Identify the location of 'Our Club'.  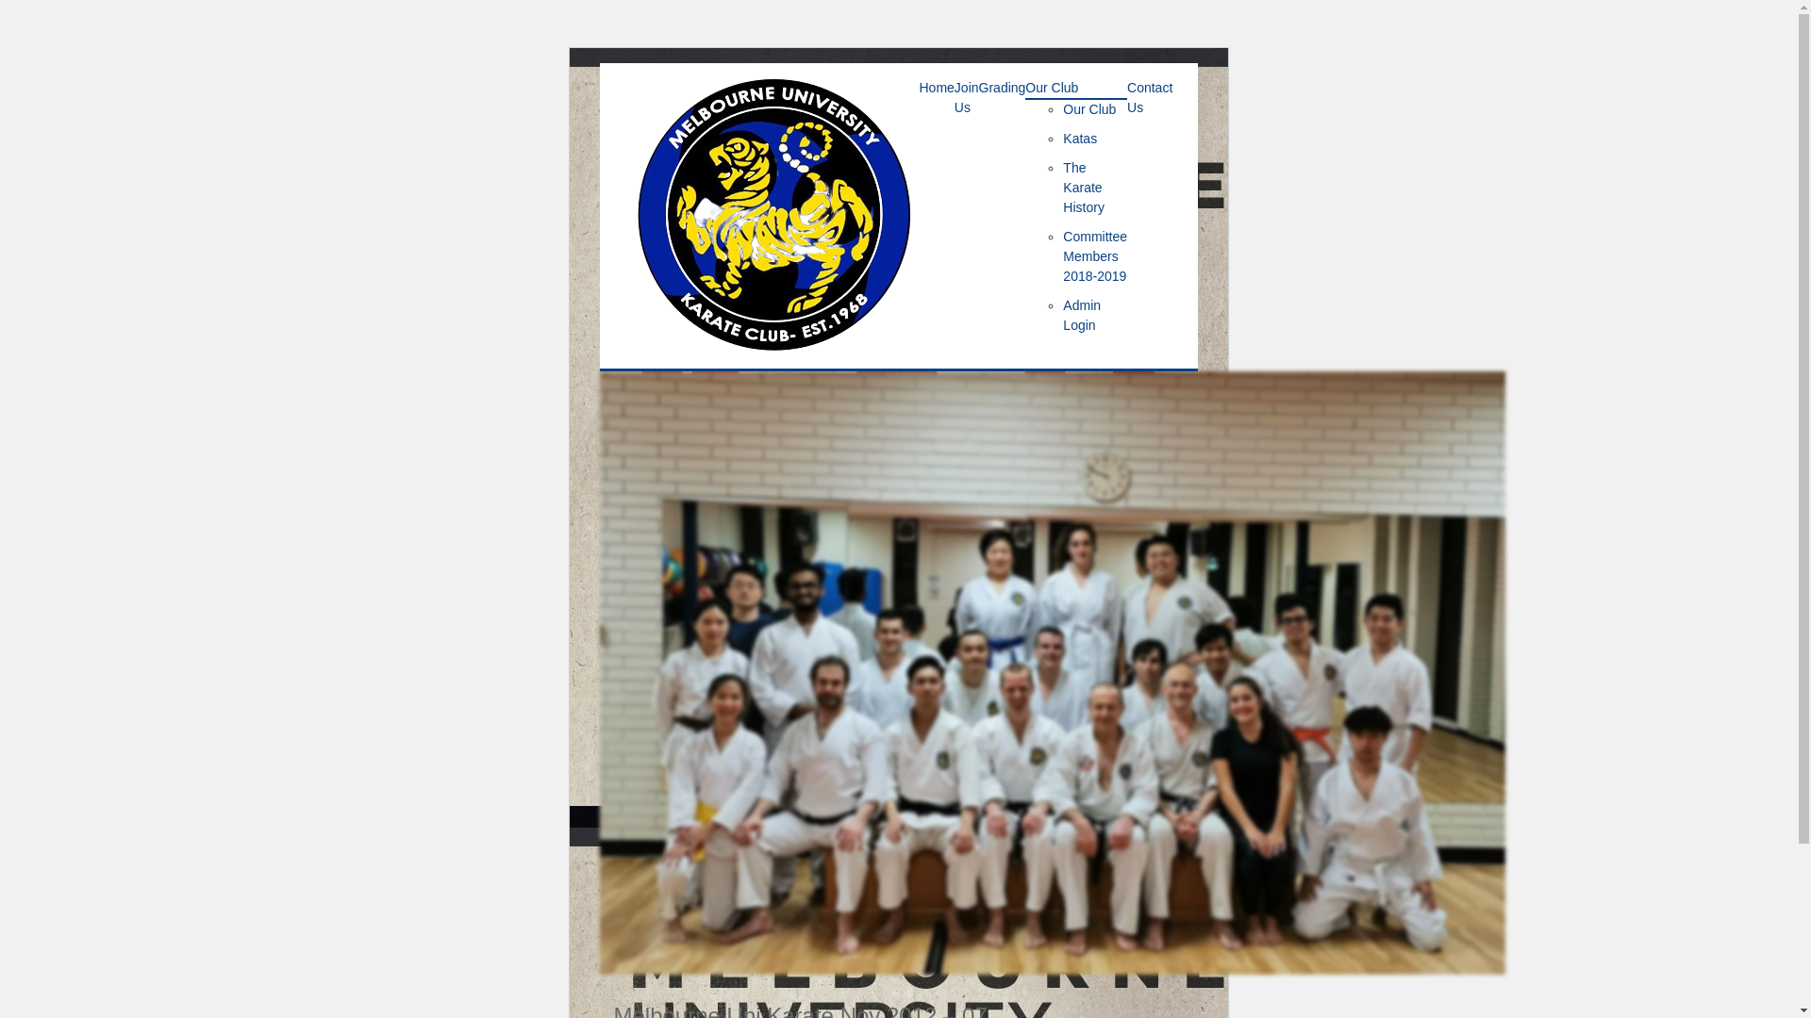
(1050, 87).